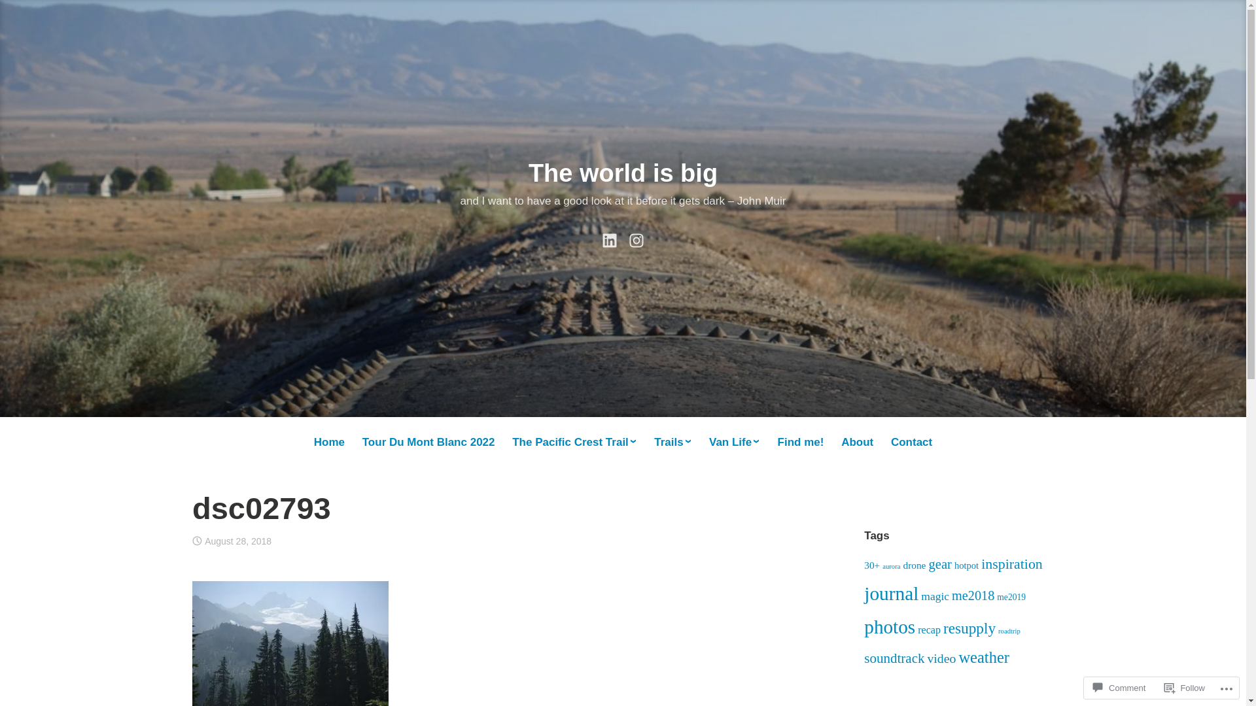 The image size is (1256, 706). What do you see at coordinates (966, 564) in the screenshot?
I see `'hotpot'` at bounding box center [966, 564].